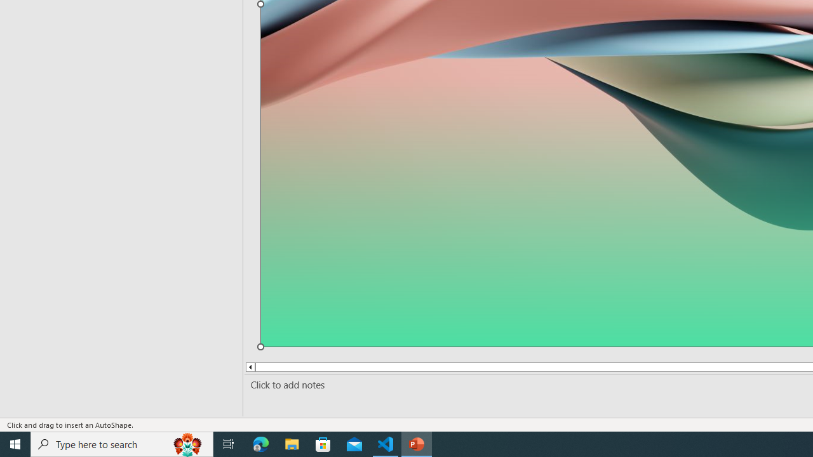 This screenshot has height=457, width=813. What do you see at coordinates (323, 443) in the screenshot?
I see `'Microsoft Store'` at bounding box center [323, 443].